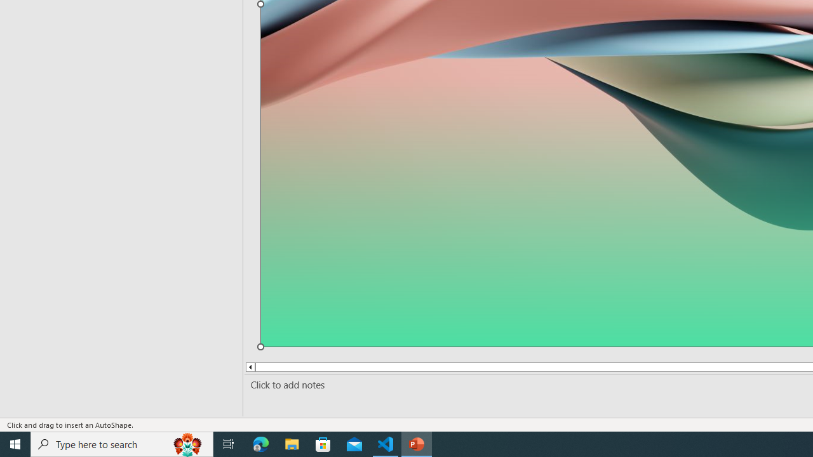 This screenshot has height=457, width=813. What do you see at coordinates (323, 443) in the screenshot?
I see `'Microsoft Store'` at bounding box center [323, 443].